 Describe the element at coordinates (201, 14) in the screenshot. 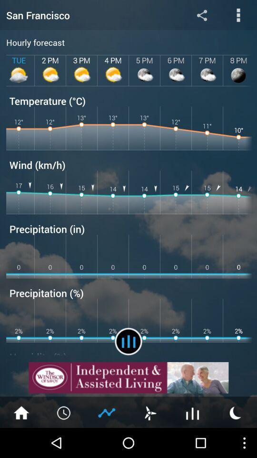

I see `share the information` at that location.